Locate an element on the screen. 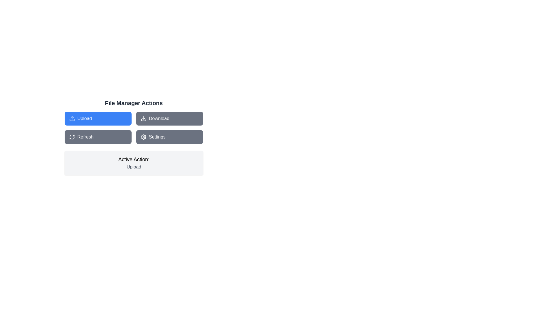 This screenshot has width=554, height=311. the settings icon located in the lower-right action group is located at coordinates (144, 137).